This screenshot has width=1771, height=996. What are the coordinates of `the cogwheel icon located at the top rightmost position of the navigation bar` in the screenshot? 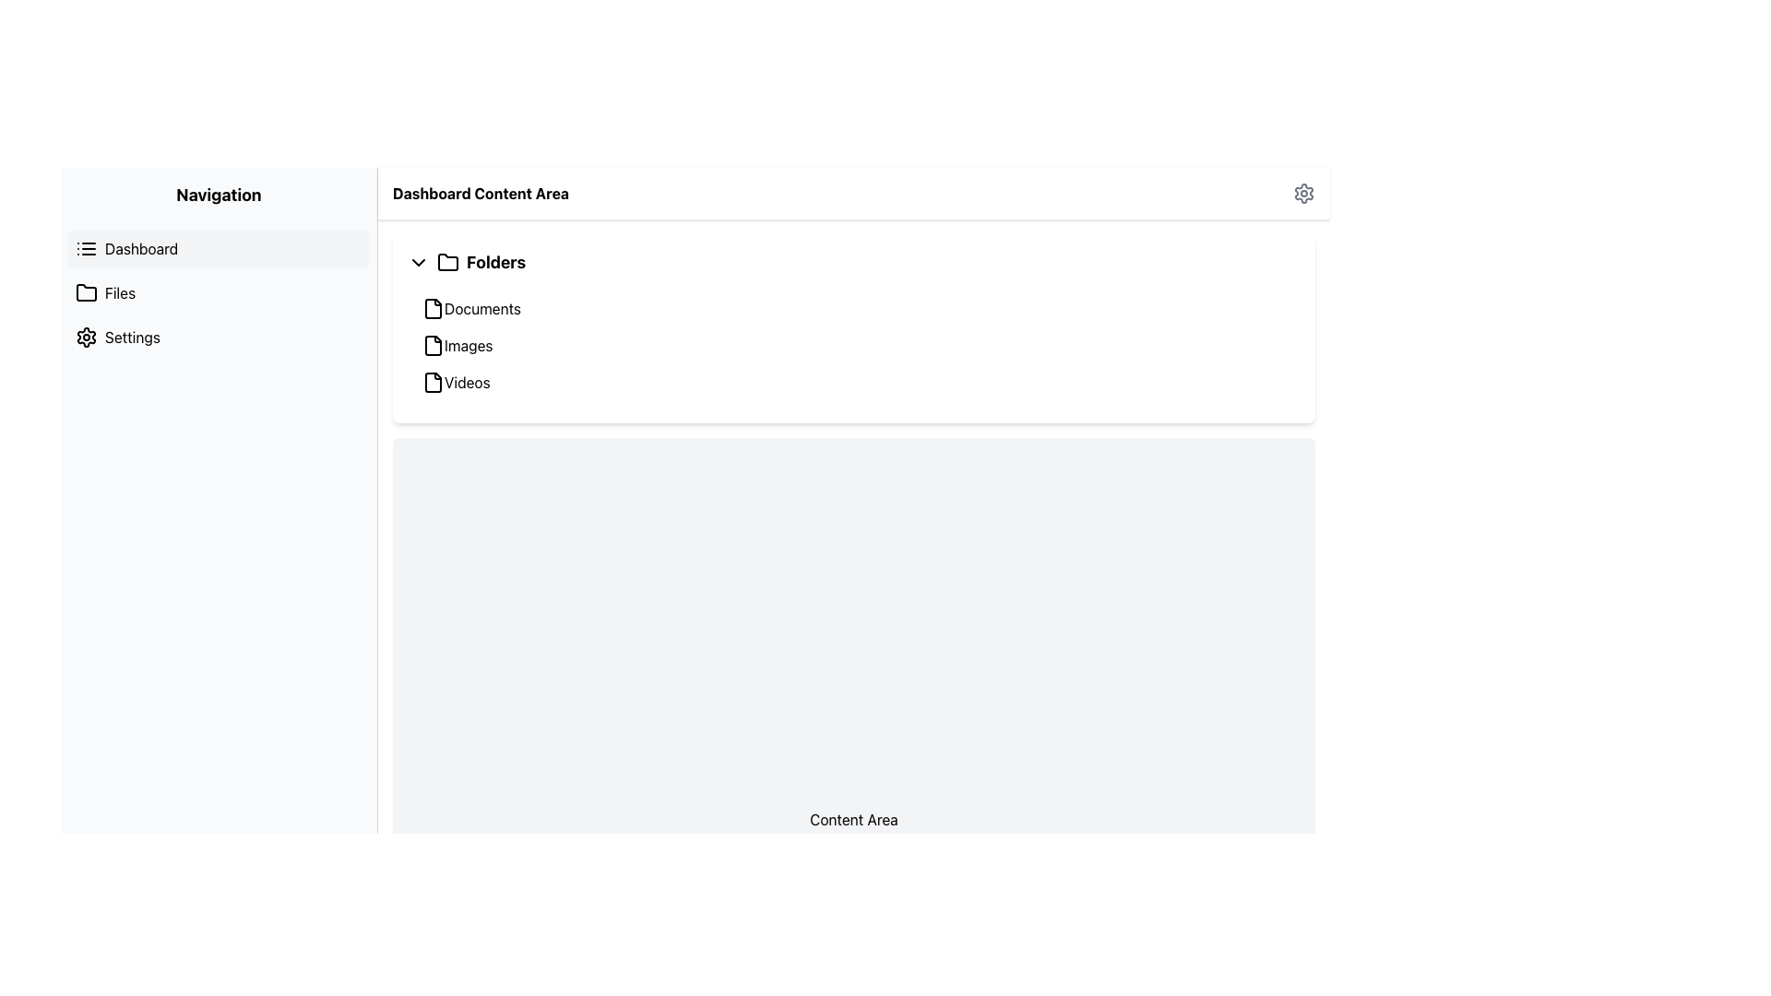 It's located at (1303, 193).